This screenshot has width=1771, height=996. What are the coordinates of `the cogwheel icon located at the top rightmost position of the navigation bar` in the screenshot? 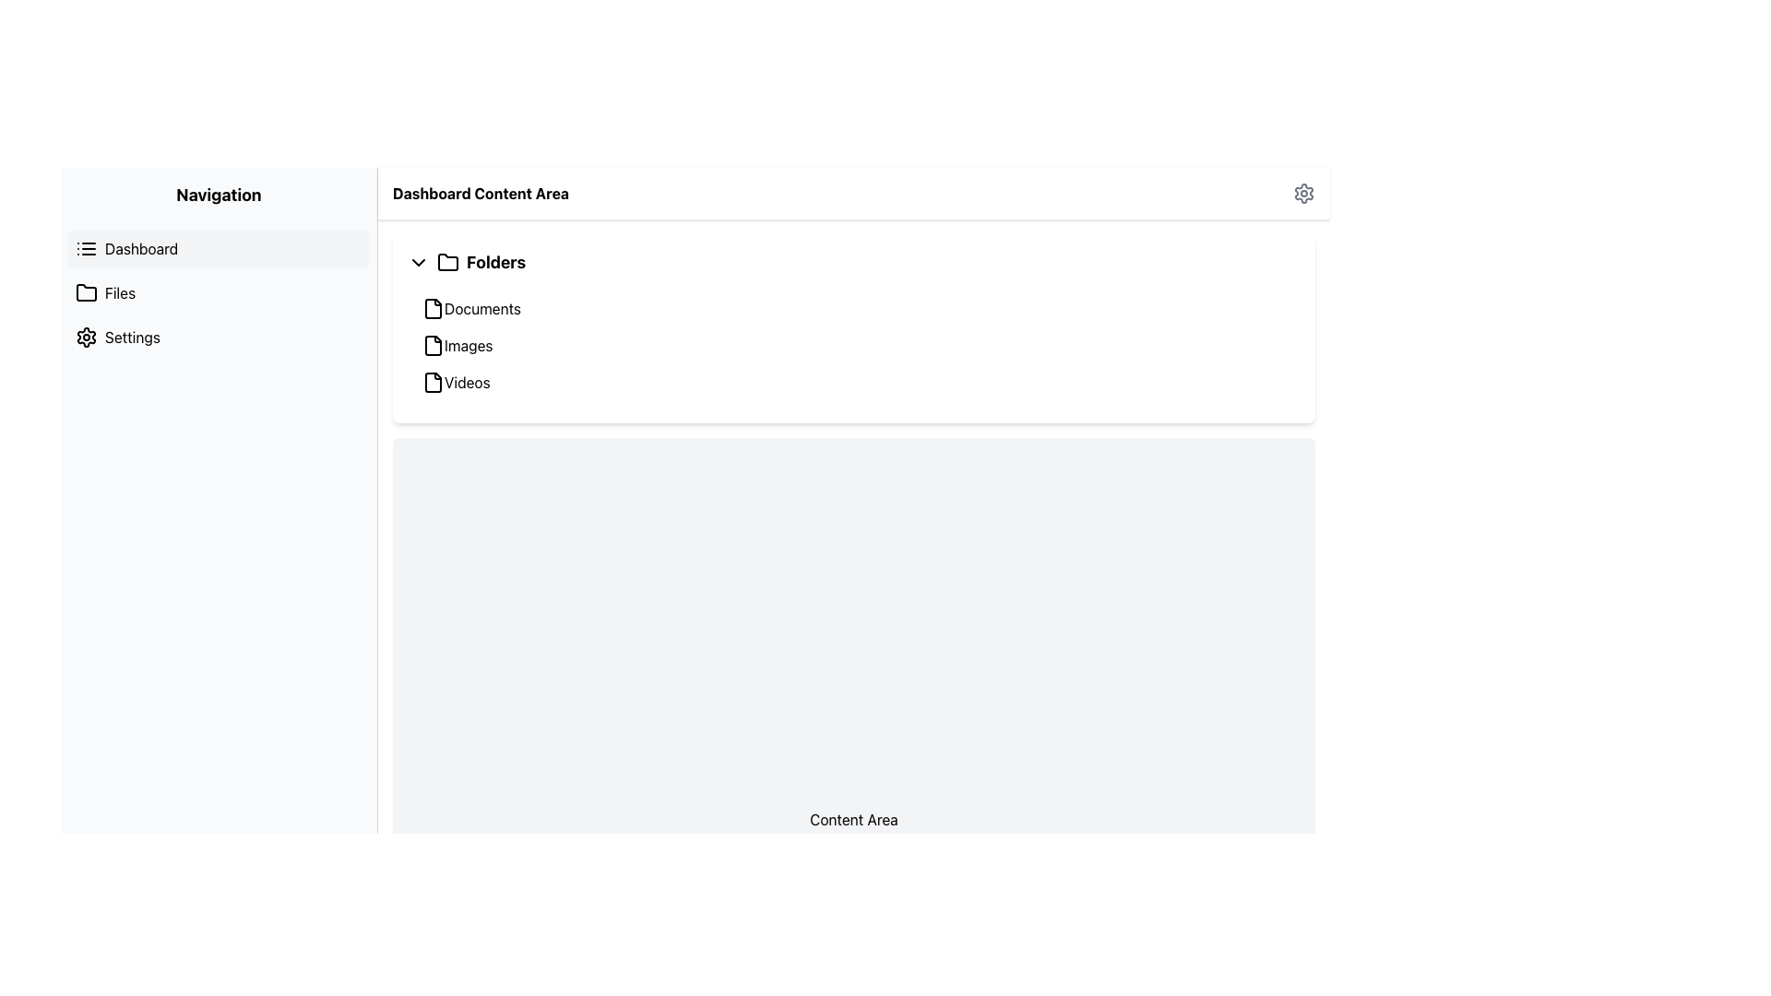 It's located at (1303, 193).